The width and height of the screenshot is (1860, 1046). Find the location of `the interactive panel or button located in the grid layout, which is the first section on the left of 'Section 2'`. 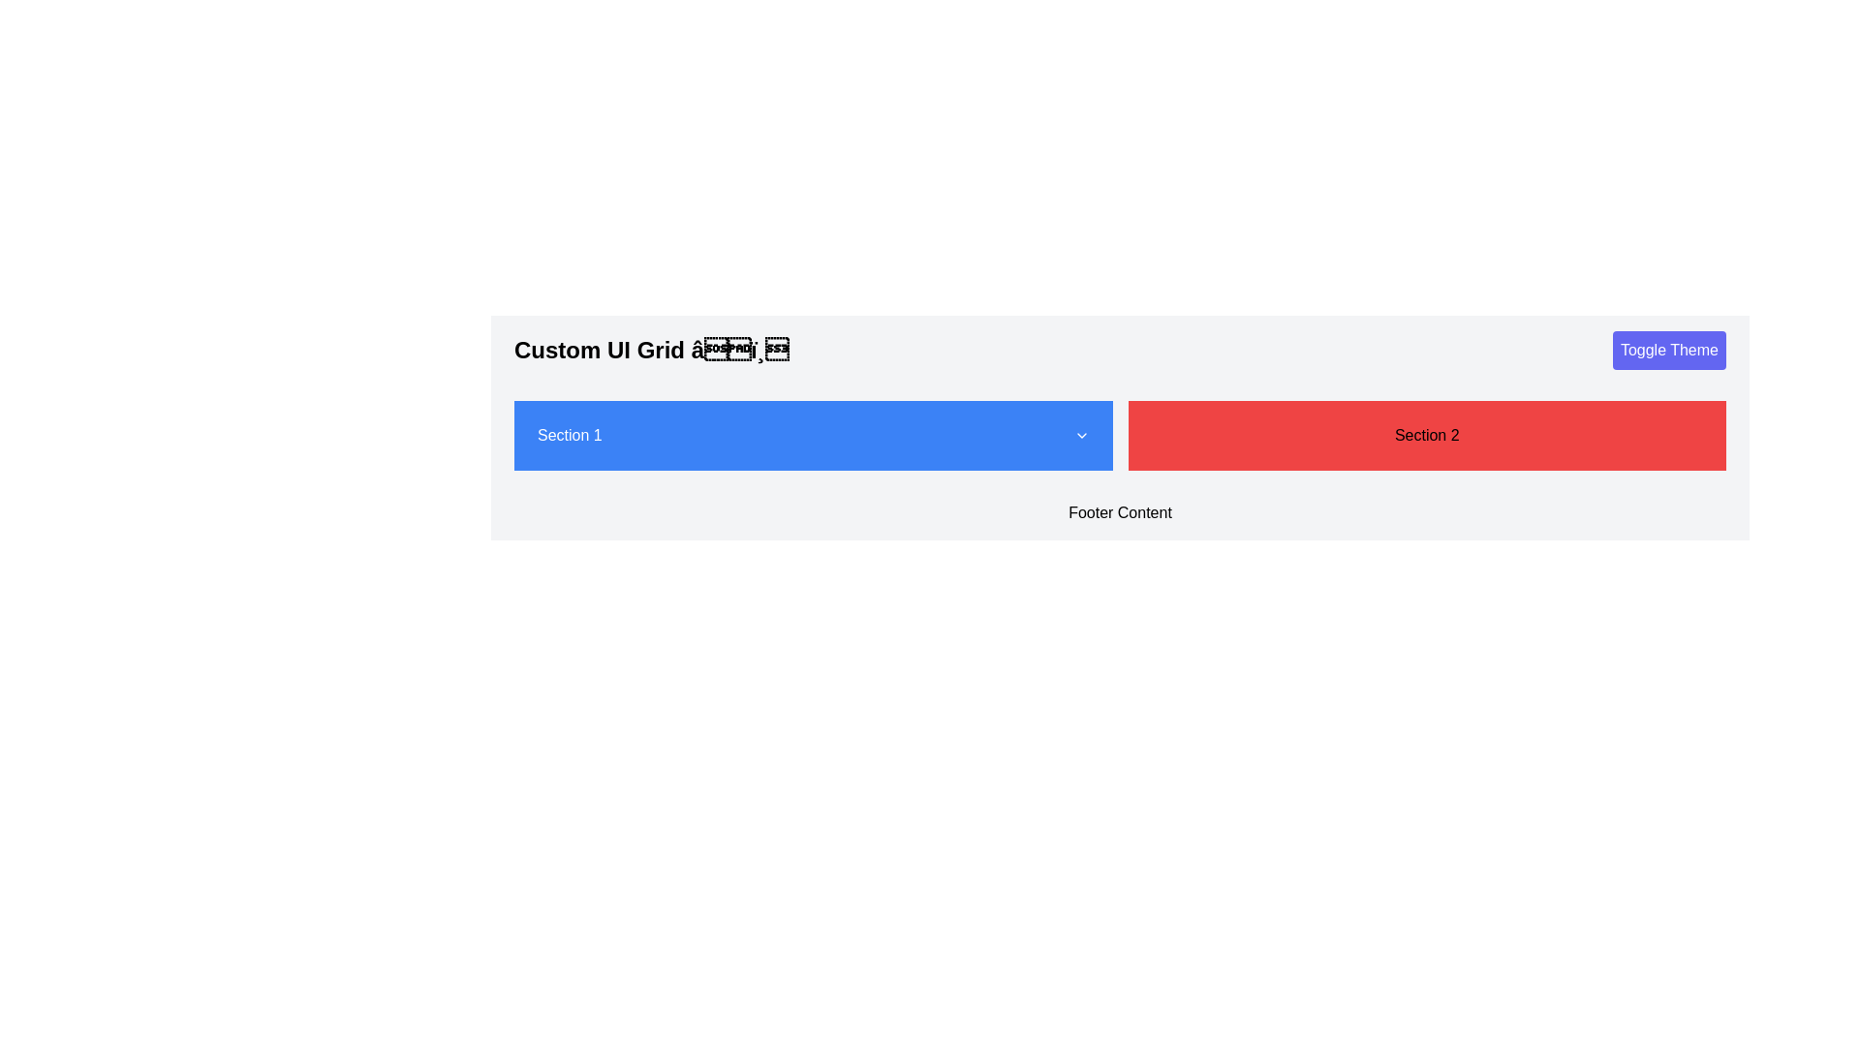

the interactive panel or button located in the grid layout, which is the first section on the left of 'Section 2' is located at coordinates (813, 436).